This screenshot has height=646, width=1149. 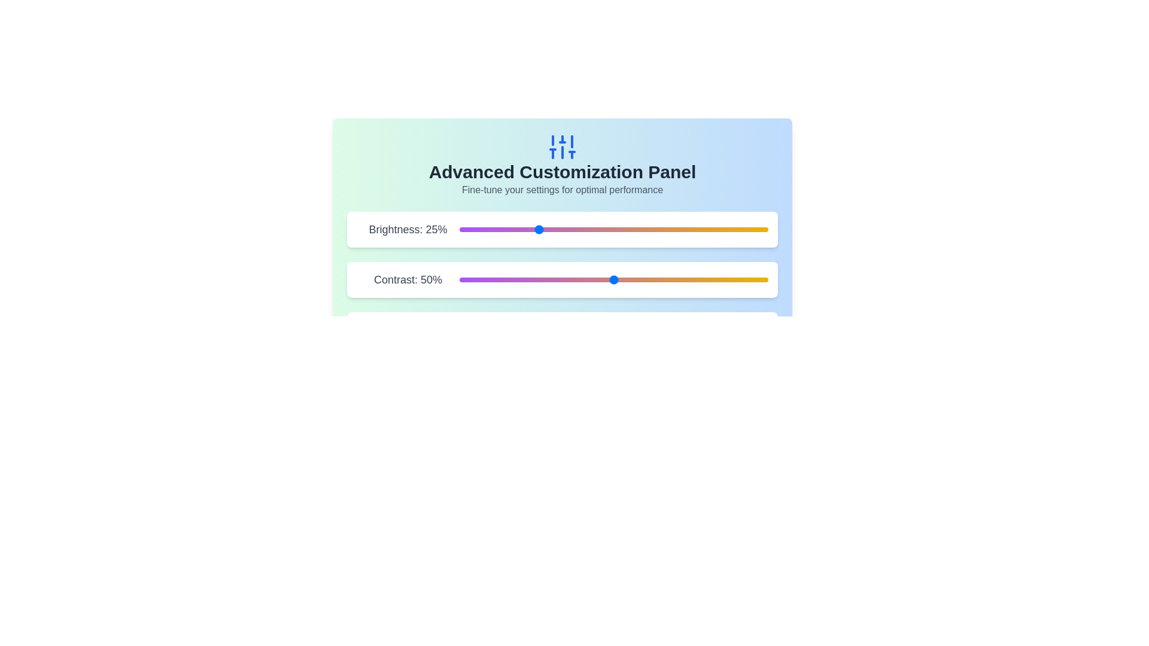 What do you see at coordinates (665, 230) in the screenshot?
I see `the brightness slider to 67%` at bounding box center [665, 230].